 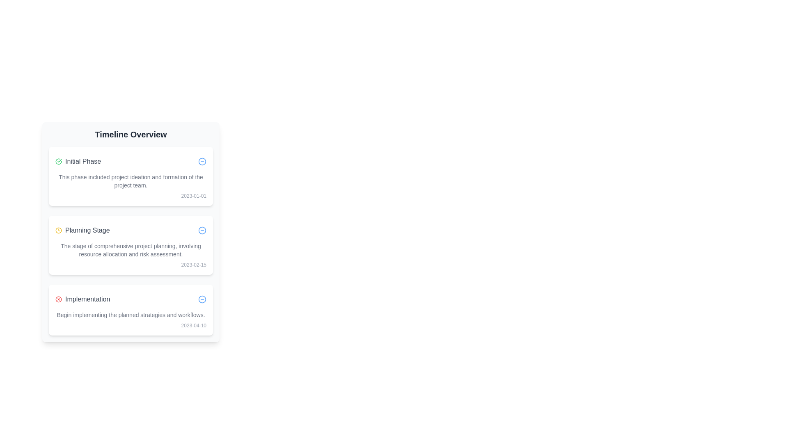 What do you see at coordinates (58, 231) in the screenshot?
I see `the Circle element representing the outer frame of the clock icon in the 'Planning Stage' timeline entry of the 'Timeline Overview' section` at bounding box center [58, 231].